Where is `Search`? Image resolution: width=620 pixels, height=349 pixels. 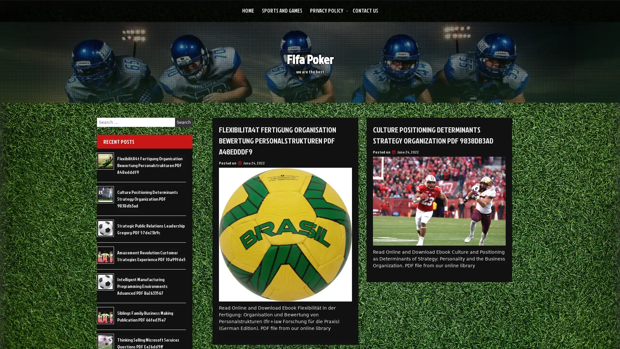 Search is located at coordinates (183, 122).